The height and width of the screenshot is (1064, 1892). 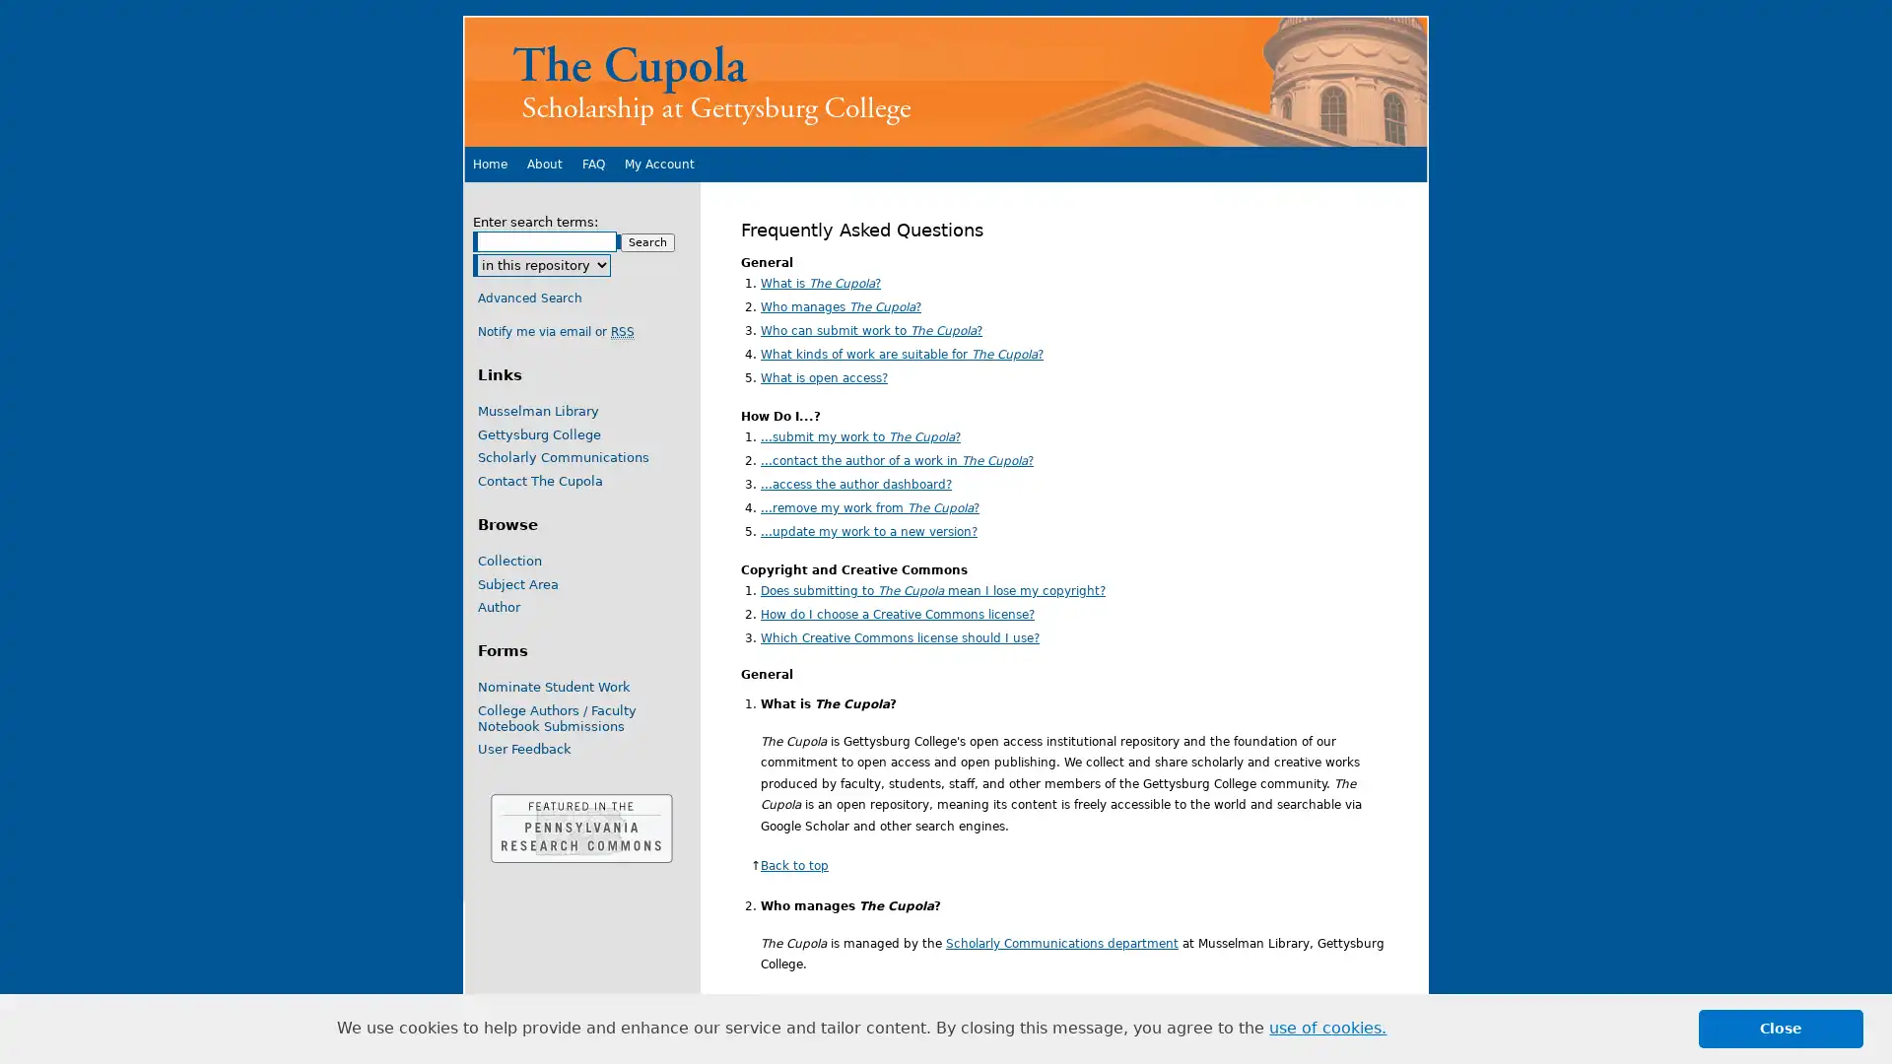 What do you see at coordinates (1327, 1028) in the screenshot?
I see `learn more about cookies` at bounding box center [1327, 1028].